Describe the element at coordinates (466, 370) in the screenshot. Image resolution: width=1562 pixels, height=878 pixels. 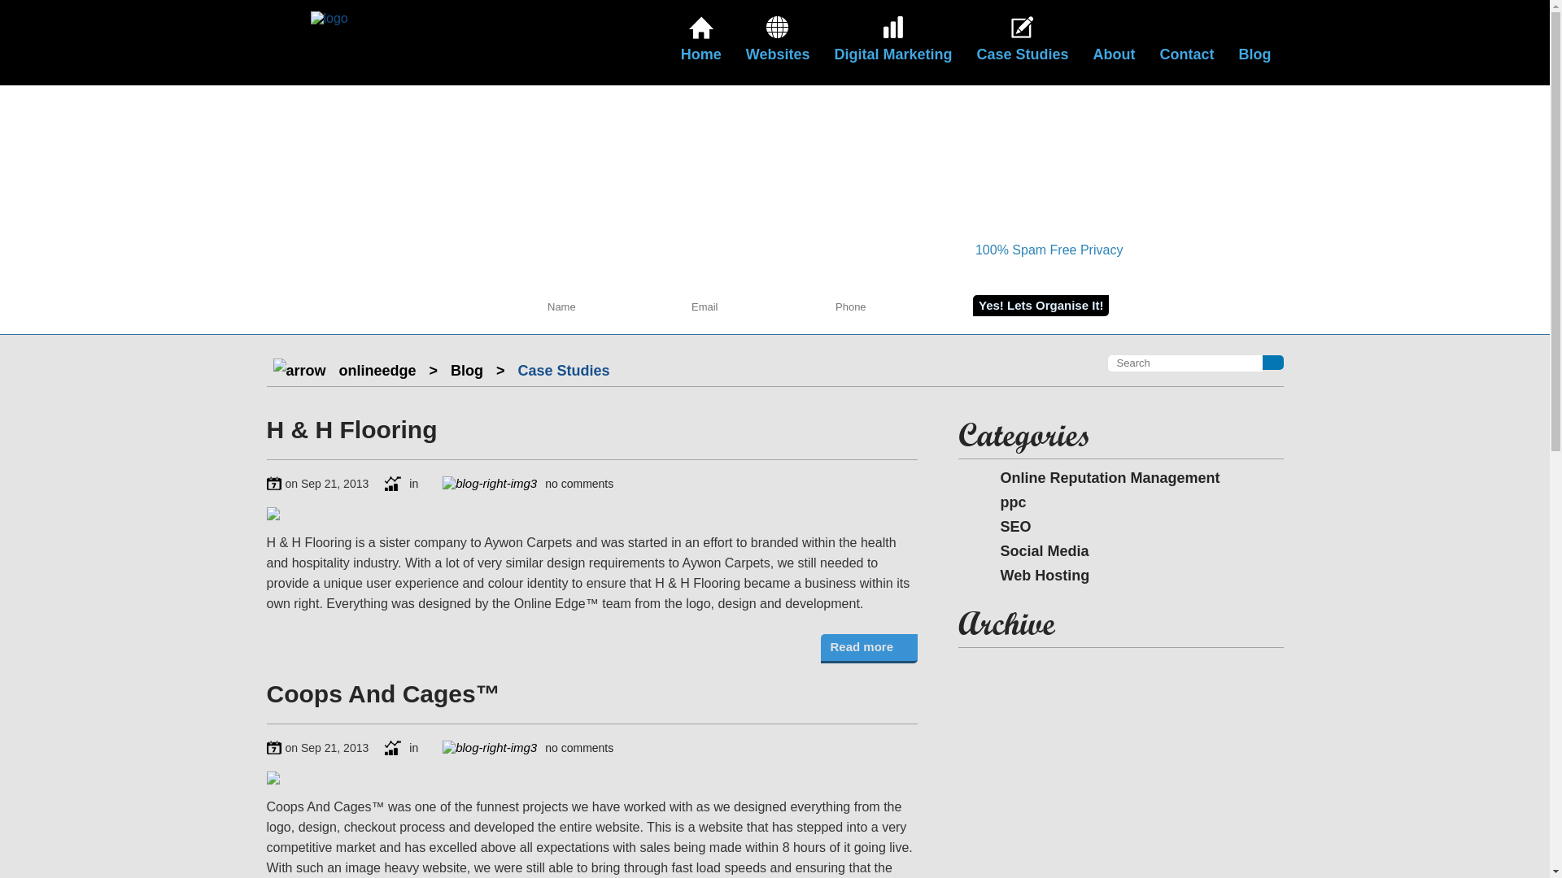
I see `'Blog'` at that location.